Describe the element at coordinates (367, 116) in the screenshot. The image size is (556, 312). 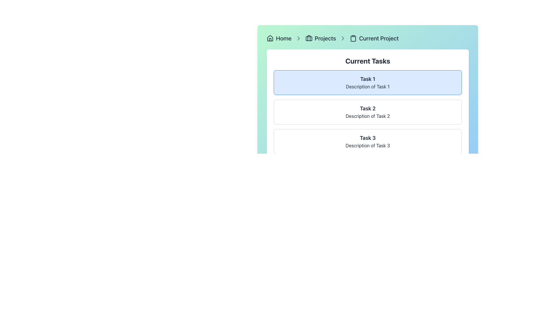
I see `the descriptive text label for 'Task 2' located under the title within the bordered card in the vertical list of tasks` at that location.